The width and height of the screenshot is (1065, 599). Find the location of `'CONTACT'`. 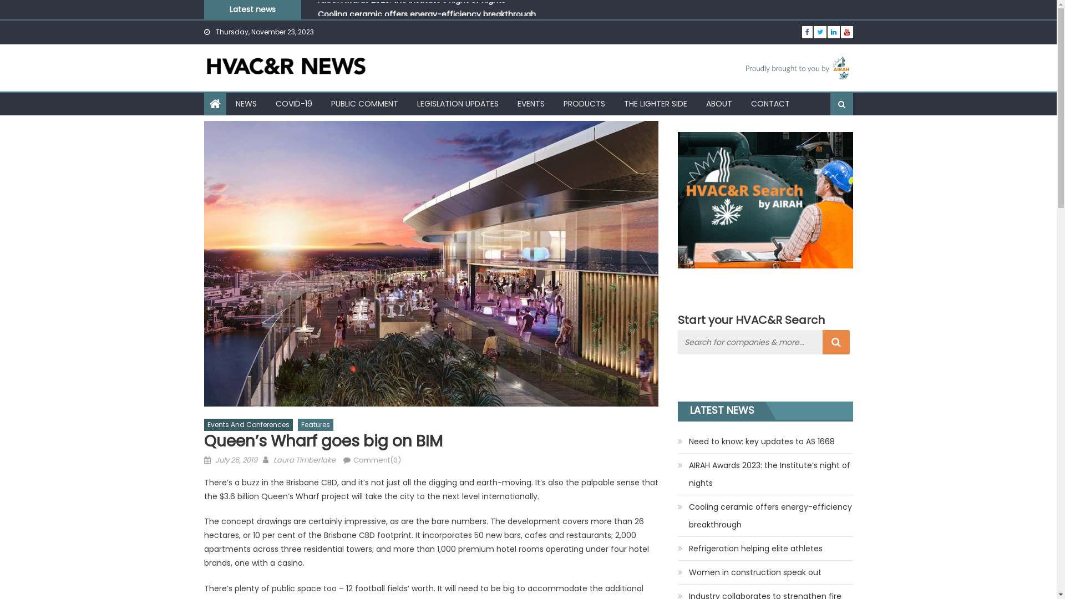

'CONTACT' is located at coordinates (769, 103).